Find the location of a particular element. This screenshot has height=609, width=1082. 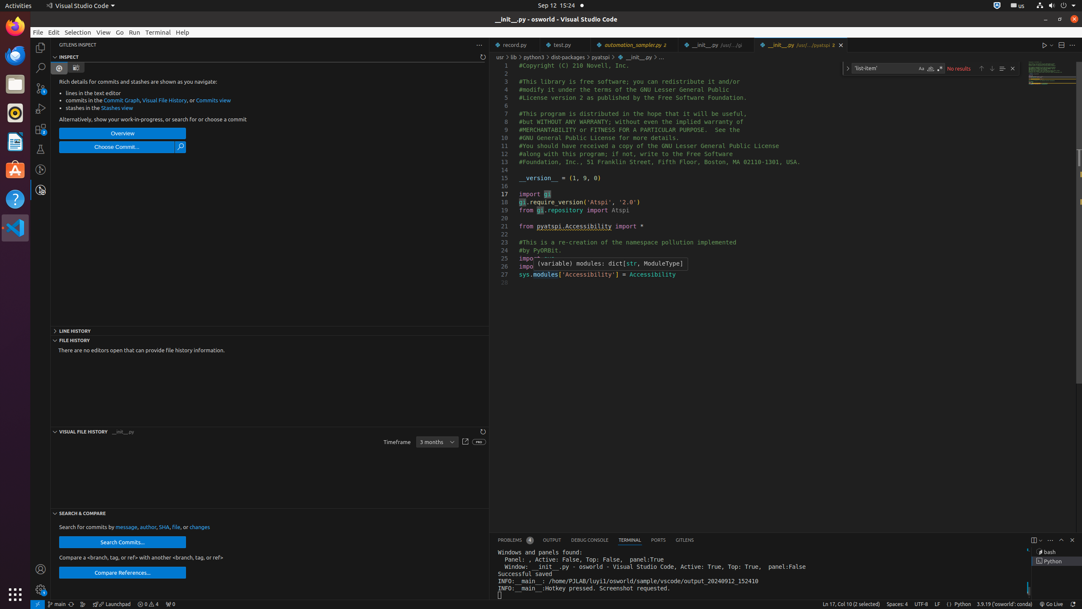

'rocket gitlens-unplug Launchpad, GitLens Launchpad ᴘʀᴇᴠɪᴇᴡ    &mdash;    [$(question)](command:gitlens.launchpad.indicator.action?%22info%22 "What is this?") [$(gear)](command:workbench.action.openSettings?%22gitlens.launchpad%22 "Settings")  |  [$(circle-slash) Hide](command:gitlens.launchpad.indicator.action?%22hide%22 "Hide") --- [Launchpad](command:gitlens.launchpad.indicator.action?%info%22 "Learn about Launchpad") organizes your pull requests into actionable groups to help you focus and keep your team unblocked. It' is located at coordinates (112, 604).